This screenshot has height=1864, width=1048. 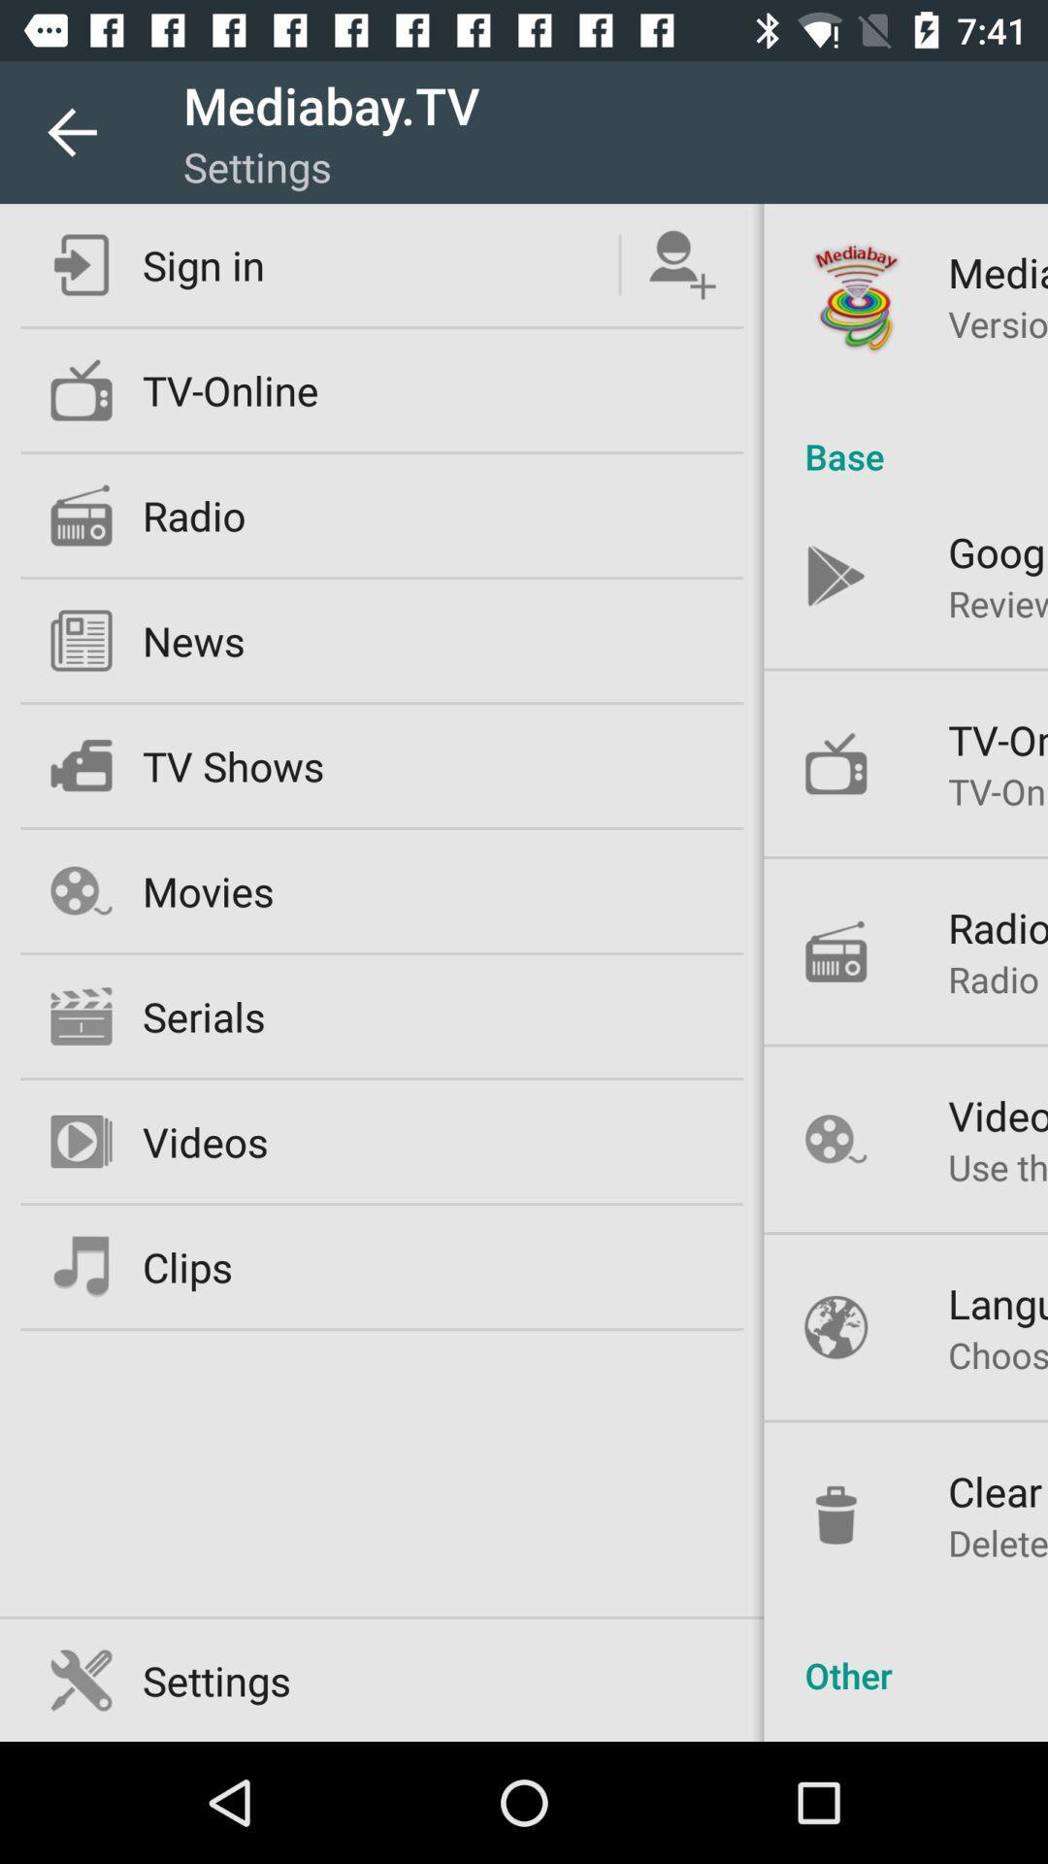 I want to click on review this app item, so click(x=998, y=602).